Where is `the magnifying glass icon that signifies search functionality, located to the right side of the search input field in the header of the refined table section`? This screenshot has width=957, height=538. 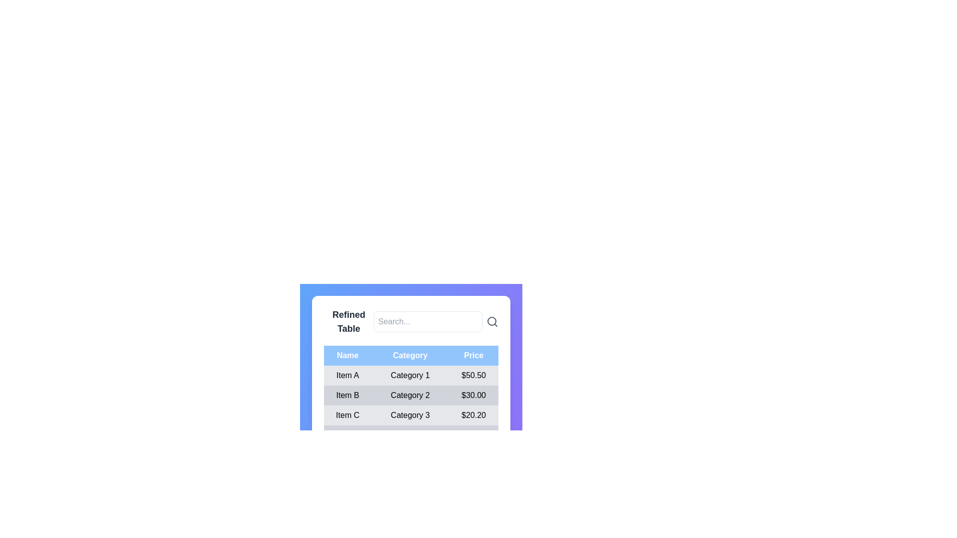
the magnifying glass icon that signifies search functionality, located to the right side of the search input field in the header of the refined table section is located at coordinates (492, 321).